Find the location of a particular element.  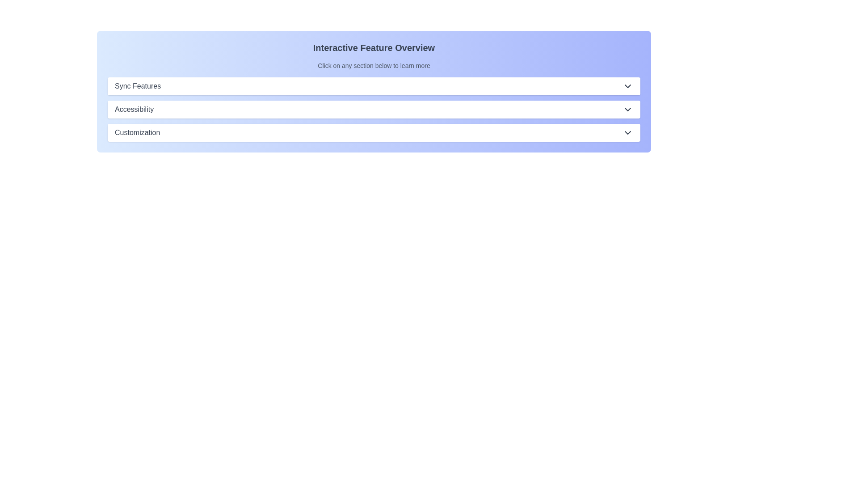

the third clickable button or expandable section header that provides access to customization-related features for keyboard navigation is located at coordinates (374, 133).